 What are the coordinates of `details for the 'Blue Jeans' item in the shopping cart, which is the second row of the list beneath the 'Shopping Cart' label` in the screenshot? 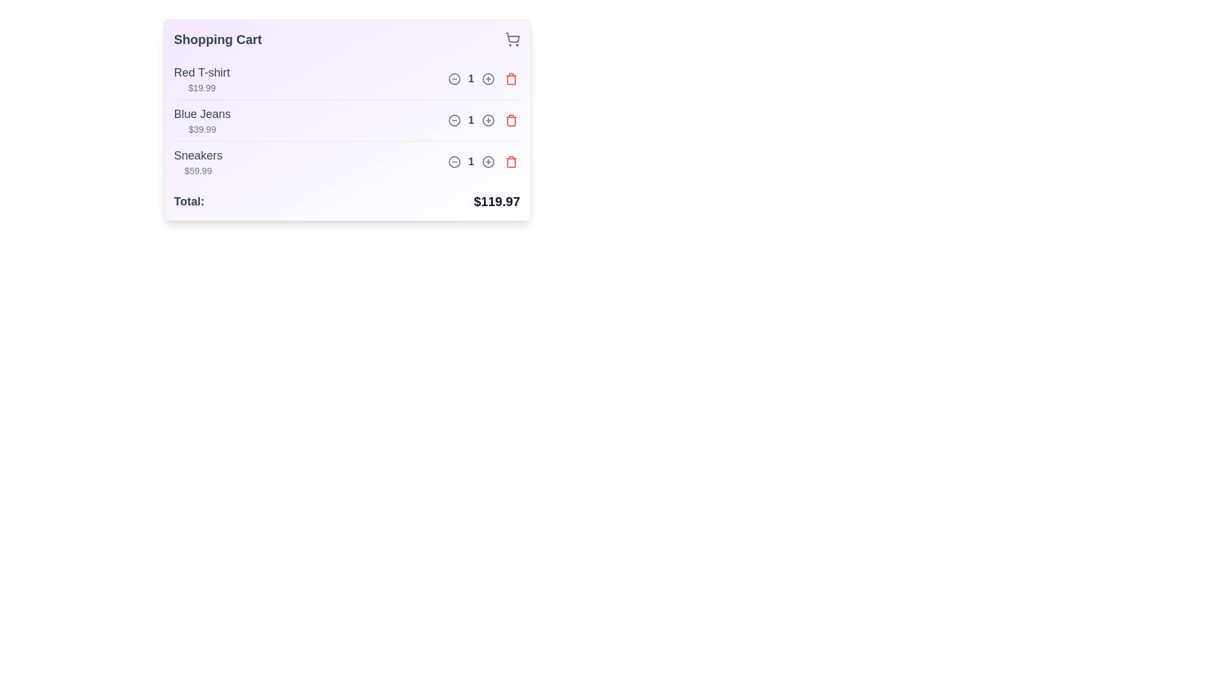 It's located at (347, 121).